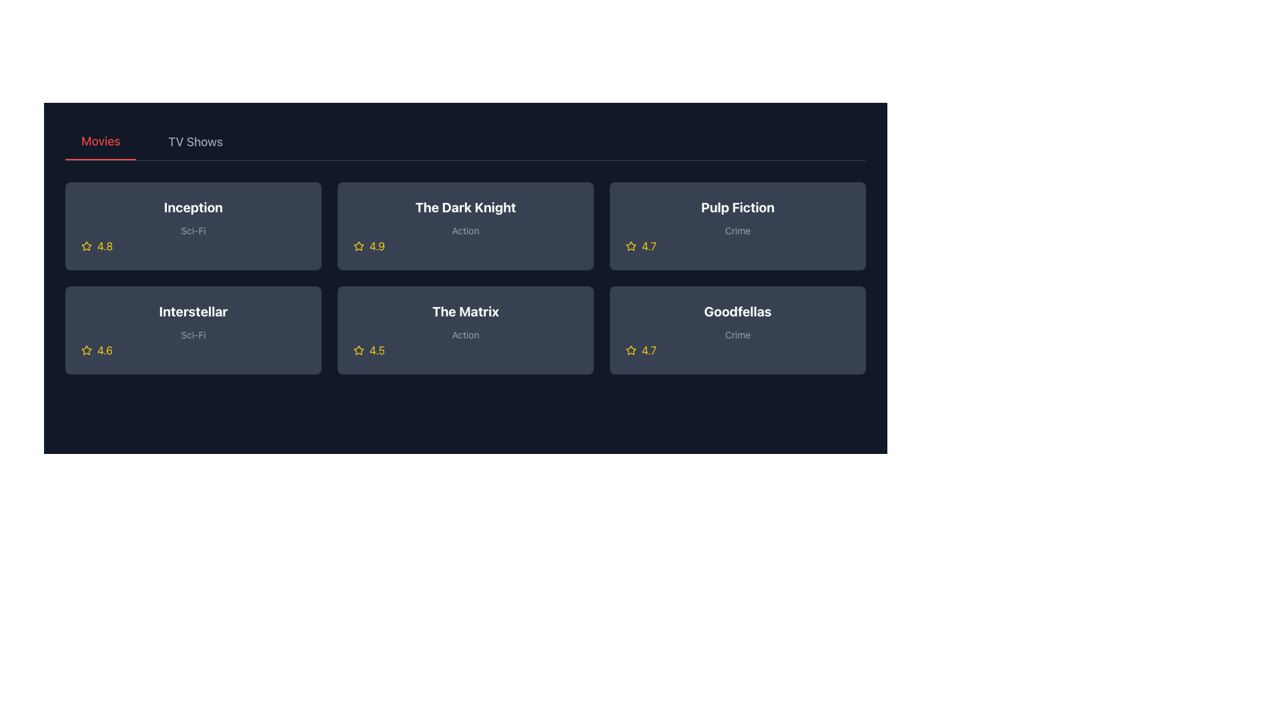 This screenshot has height=721, width=1281. I want to click on the 'Pulp Fiction' card, which is a rectangular card with a dark gray background and features the title 'Pulp Fiction' in bold white text, so click(737, 226).